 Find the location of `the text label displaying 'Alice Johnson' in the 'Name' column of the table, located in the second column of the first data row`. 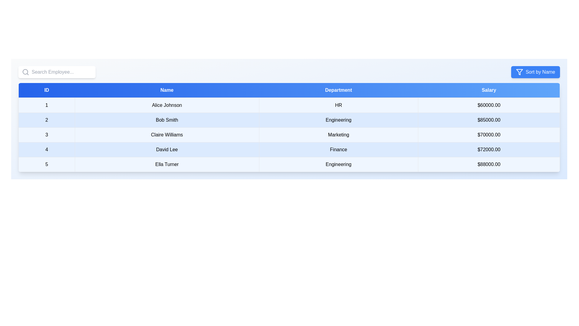

the text label displaying 'Alice Johnson' in the 'Name' column of the table, located in the second column of the first data row is located at coordinates (167, 105).